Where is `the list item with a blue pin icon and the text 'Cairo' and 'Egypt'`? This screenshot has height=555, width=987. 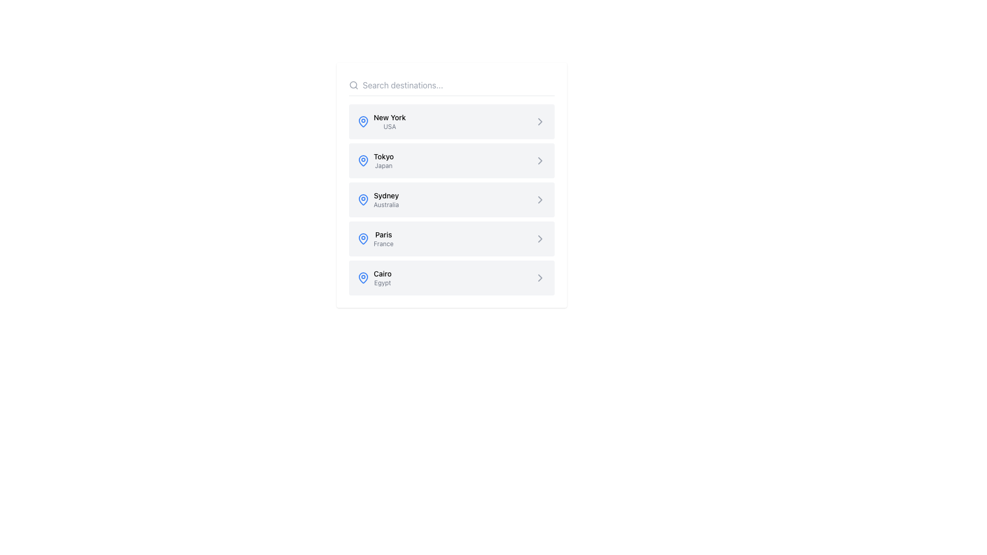 the list item with a blue pin icon and the text 'Cairo' and 'Egypt' is located at coordinates (374, 277).